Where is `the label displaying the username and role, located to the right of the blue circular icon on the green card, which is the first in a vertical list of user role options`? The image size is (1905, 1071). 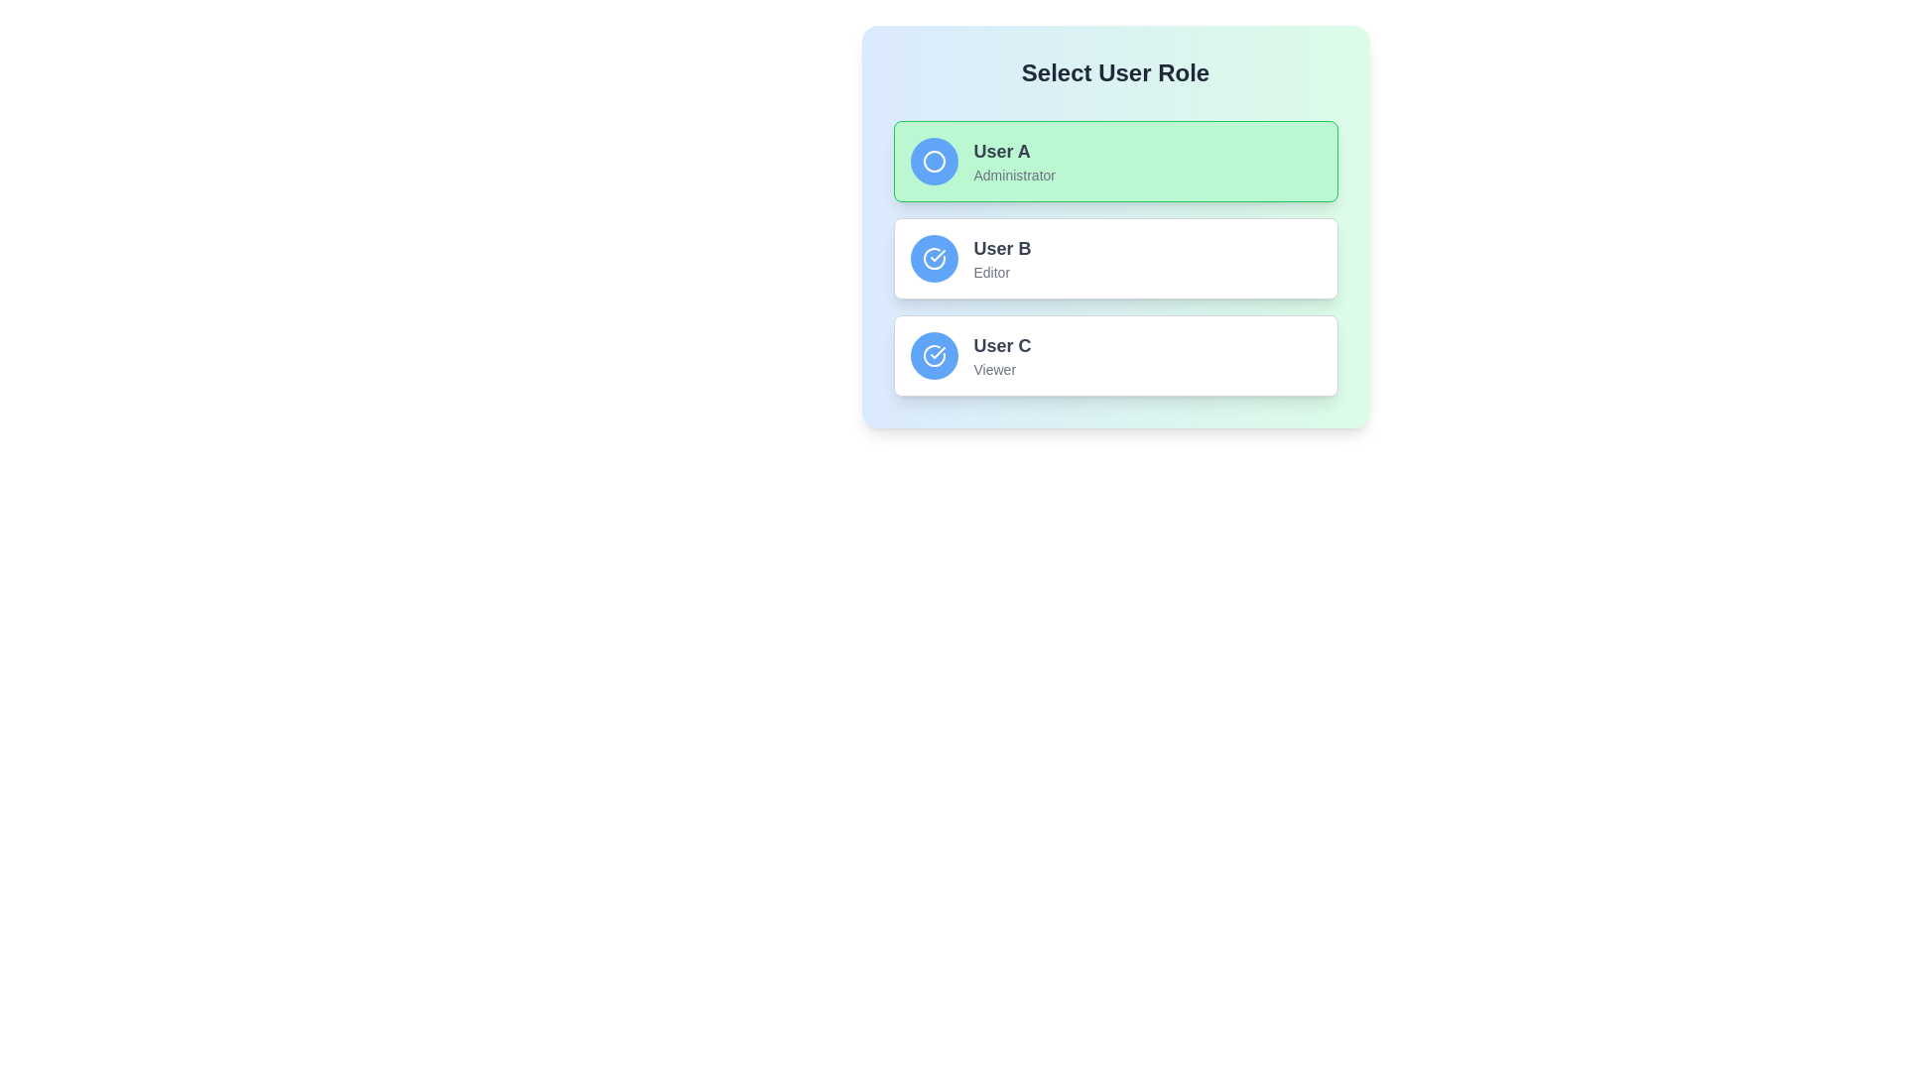
the label displaying the username and role, located to the right of the blue circular icon on the green card, which is the first in a vertical list of user role options is located at coordinates (1014, 160).